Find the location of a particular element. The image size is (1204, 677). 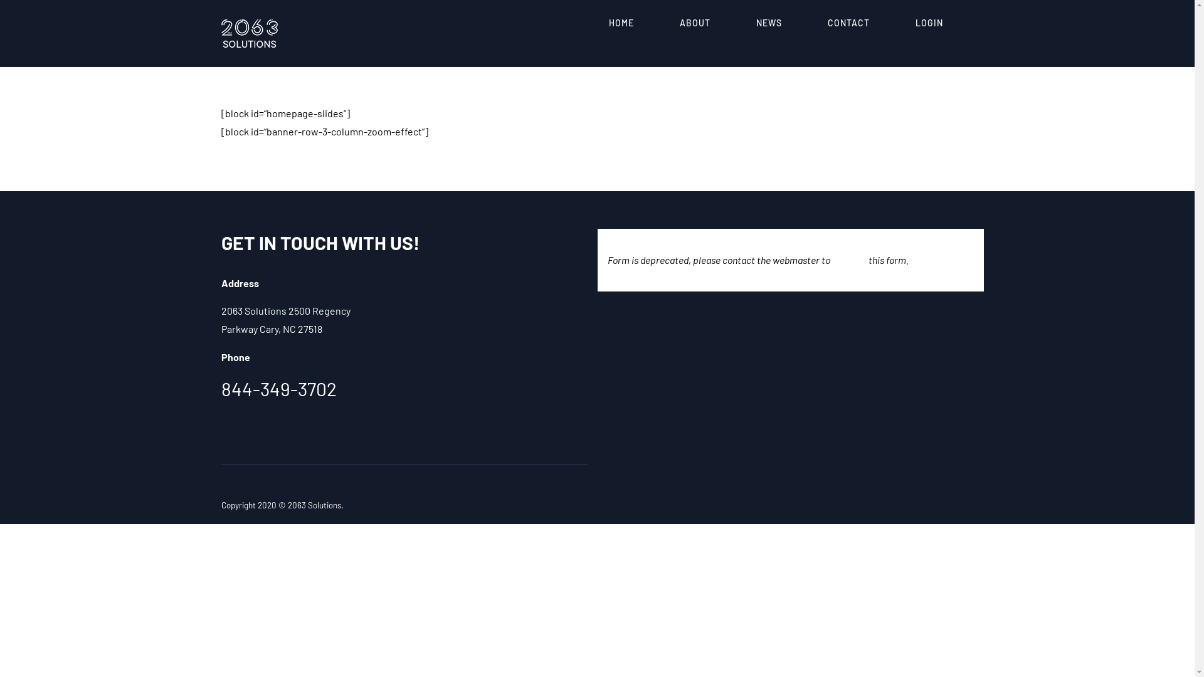

'CONTACT' is located at coordinates (848, 23).